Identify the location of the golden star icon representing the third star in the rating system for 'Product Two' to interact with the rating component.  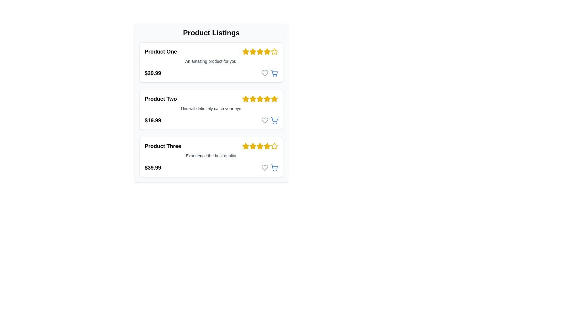
(253, 98).